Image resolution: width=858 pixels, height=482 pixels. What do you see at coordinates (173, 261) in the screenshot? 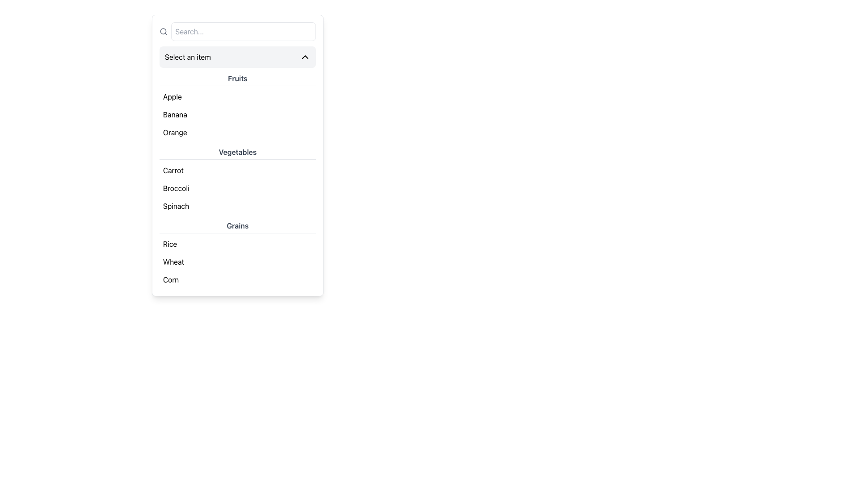
I see `the text label 'Wheat' in the 'Grains' section of the dropdown list` at bounding box center [173, 261].